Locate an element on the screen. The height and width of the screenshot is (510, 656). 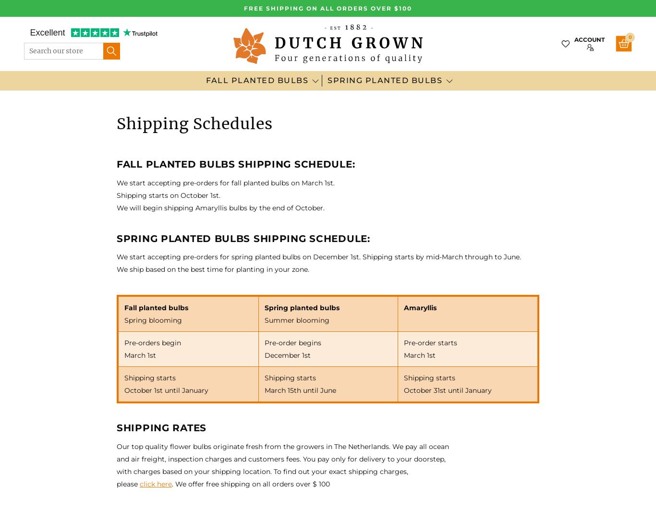
'SPRING PLANTED BULBS SHIPPING SCHEDULE:' is located at coordinates (243, 237).